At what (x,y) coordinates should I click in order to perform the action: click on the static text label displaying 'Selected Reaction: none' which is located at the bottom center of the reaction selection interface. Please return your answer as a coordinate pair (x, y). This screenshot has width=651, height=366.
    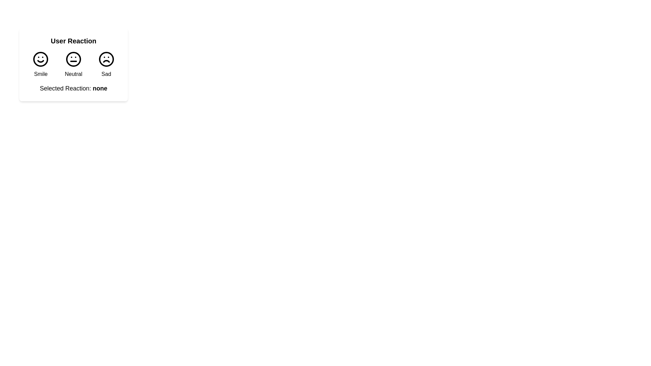
    Looking at the image, I should click on (73, 88).